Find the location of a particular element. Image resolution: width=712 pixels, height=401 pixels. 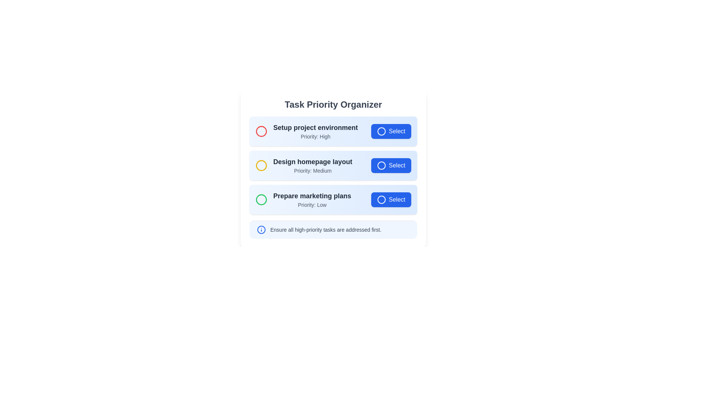

the state indicator icon located near the 'Select' button for the 'Setup project environment' task in the first row of the task organizer list is located at coordinates (381, 131).